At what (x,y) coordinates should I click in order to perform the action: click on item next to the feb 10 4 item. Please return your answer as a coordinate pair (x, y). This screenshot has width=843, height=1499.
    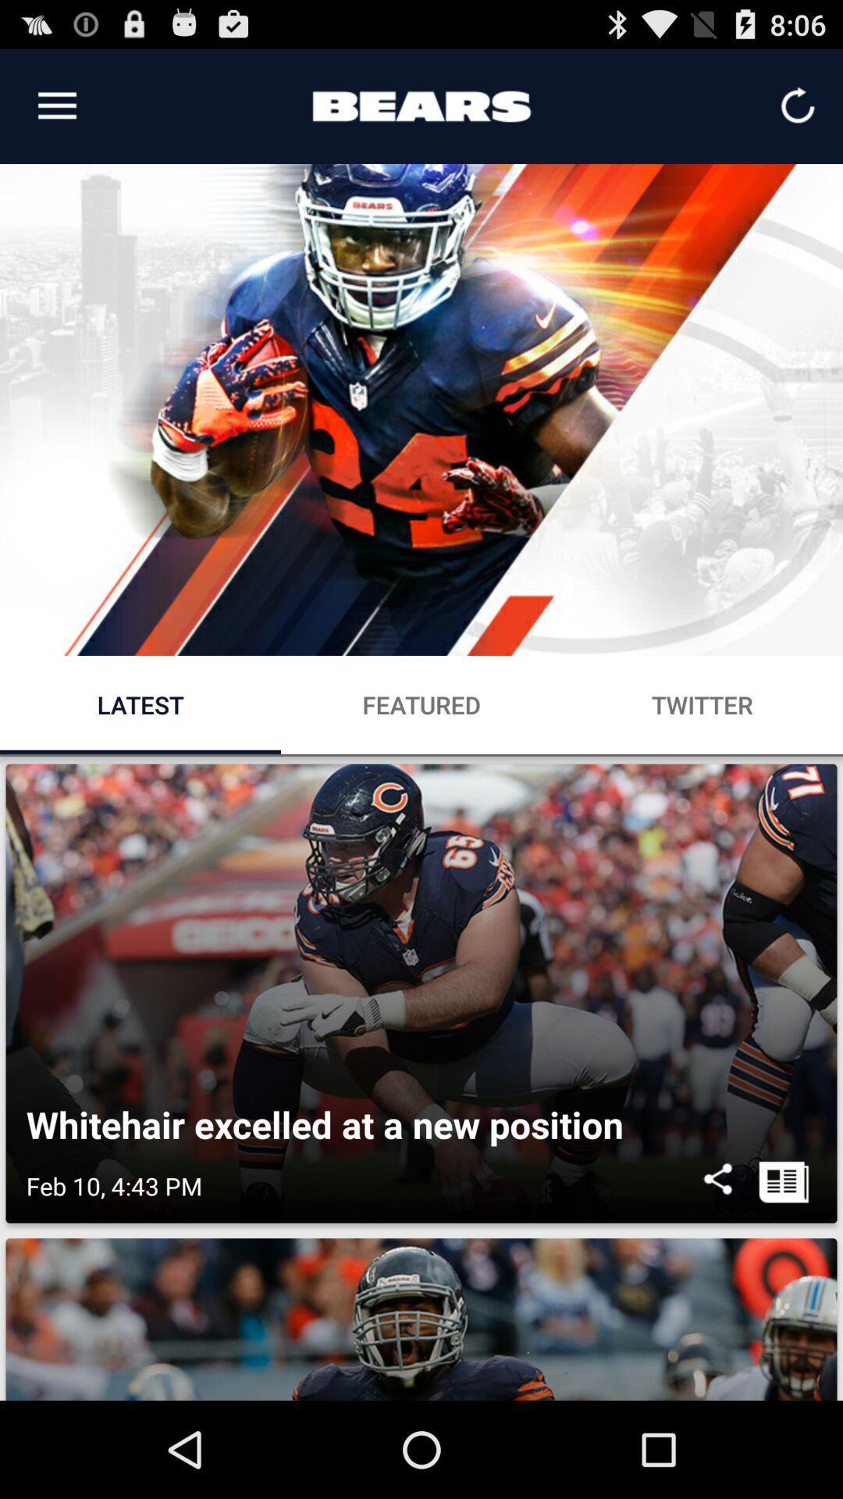
    Looking at the image, I should click on (717, 1186).